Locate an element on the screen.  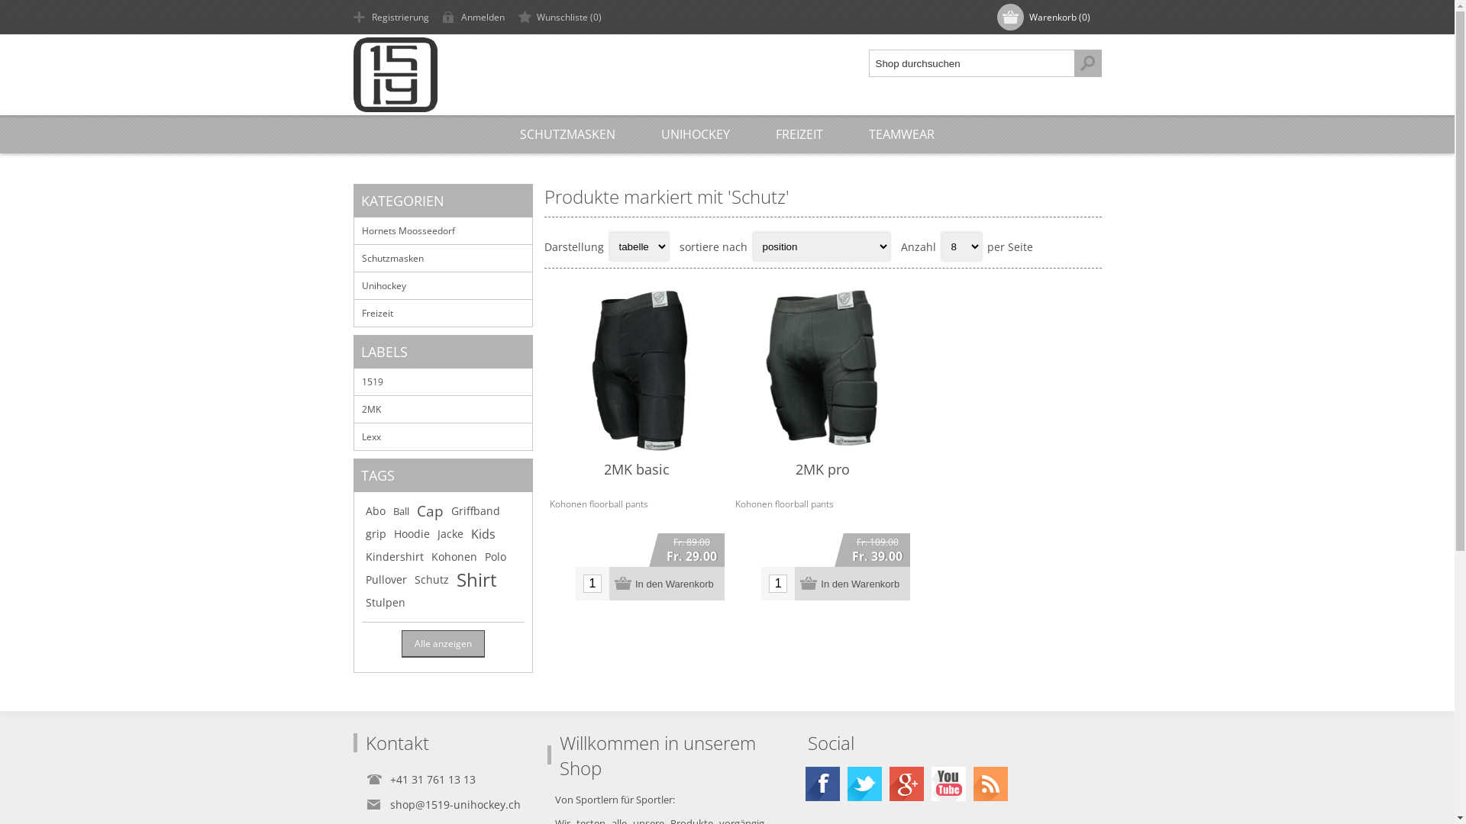
'UNIHOCKEY' is located at coordinates (695, 134).